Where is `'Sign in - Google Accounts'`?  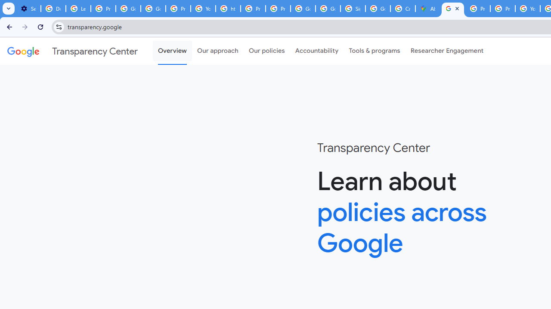
'Sign in - Google Accounts' is located at coordinates (353, 9).